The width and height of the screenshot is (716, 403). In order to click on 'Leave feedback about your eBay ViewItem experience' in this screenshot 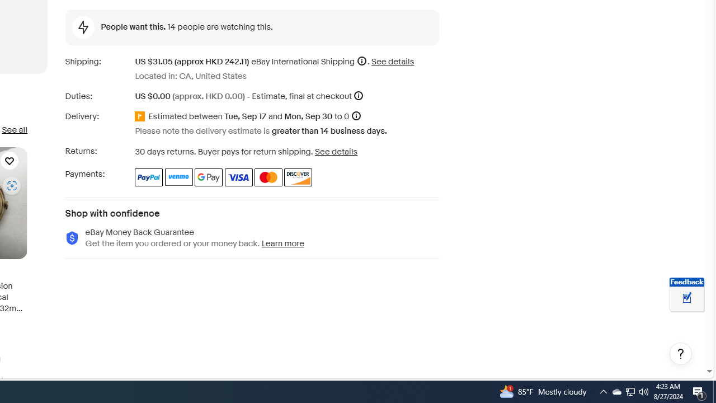, I will do `click(686, 298)`.